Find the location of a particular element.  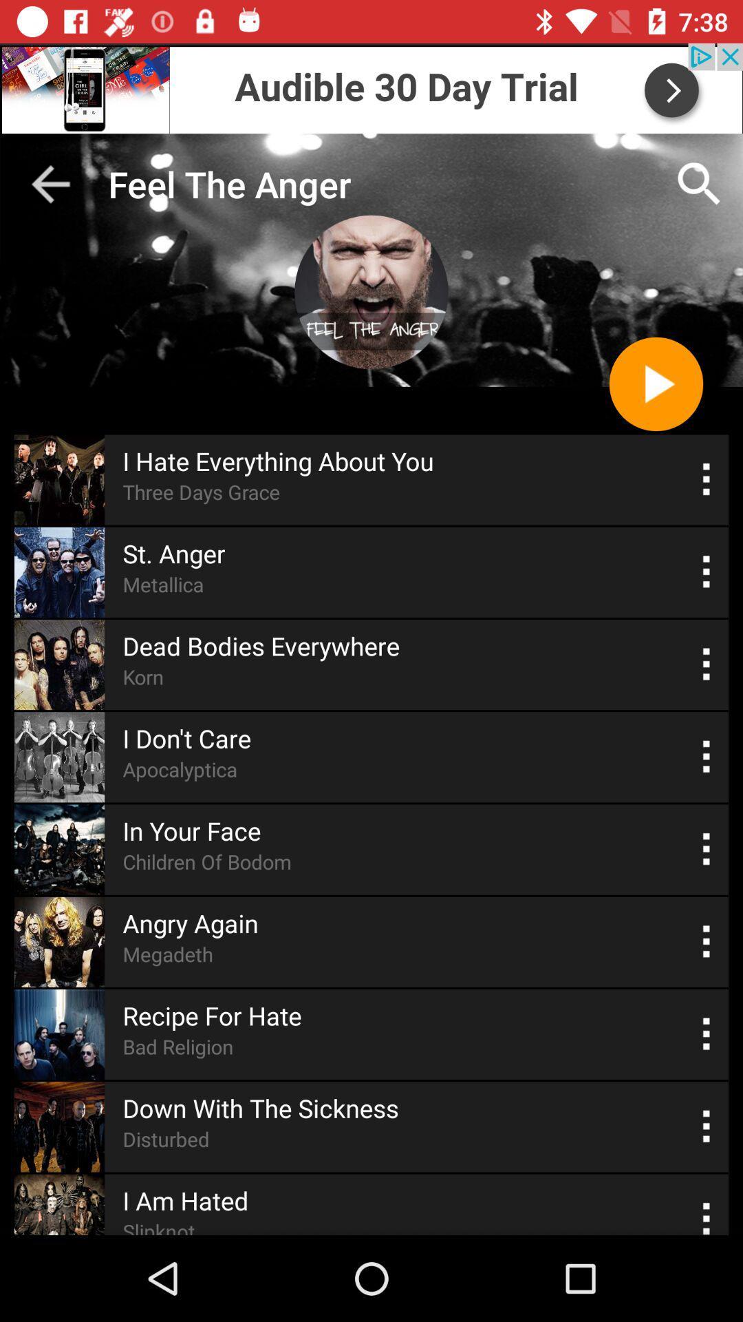

details of song is located at coordinates (707, 756).